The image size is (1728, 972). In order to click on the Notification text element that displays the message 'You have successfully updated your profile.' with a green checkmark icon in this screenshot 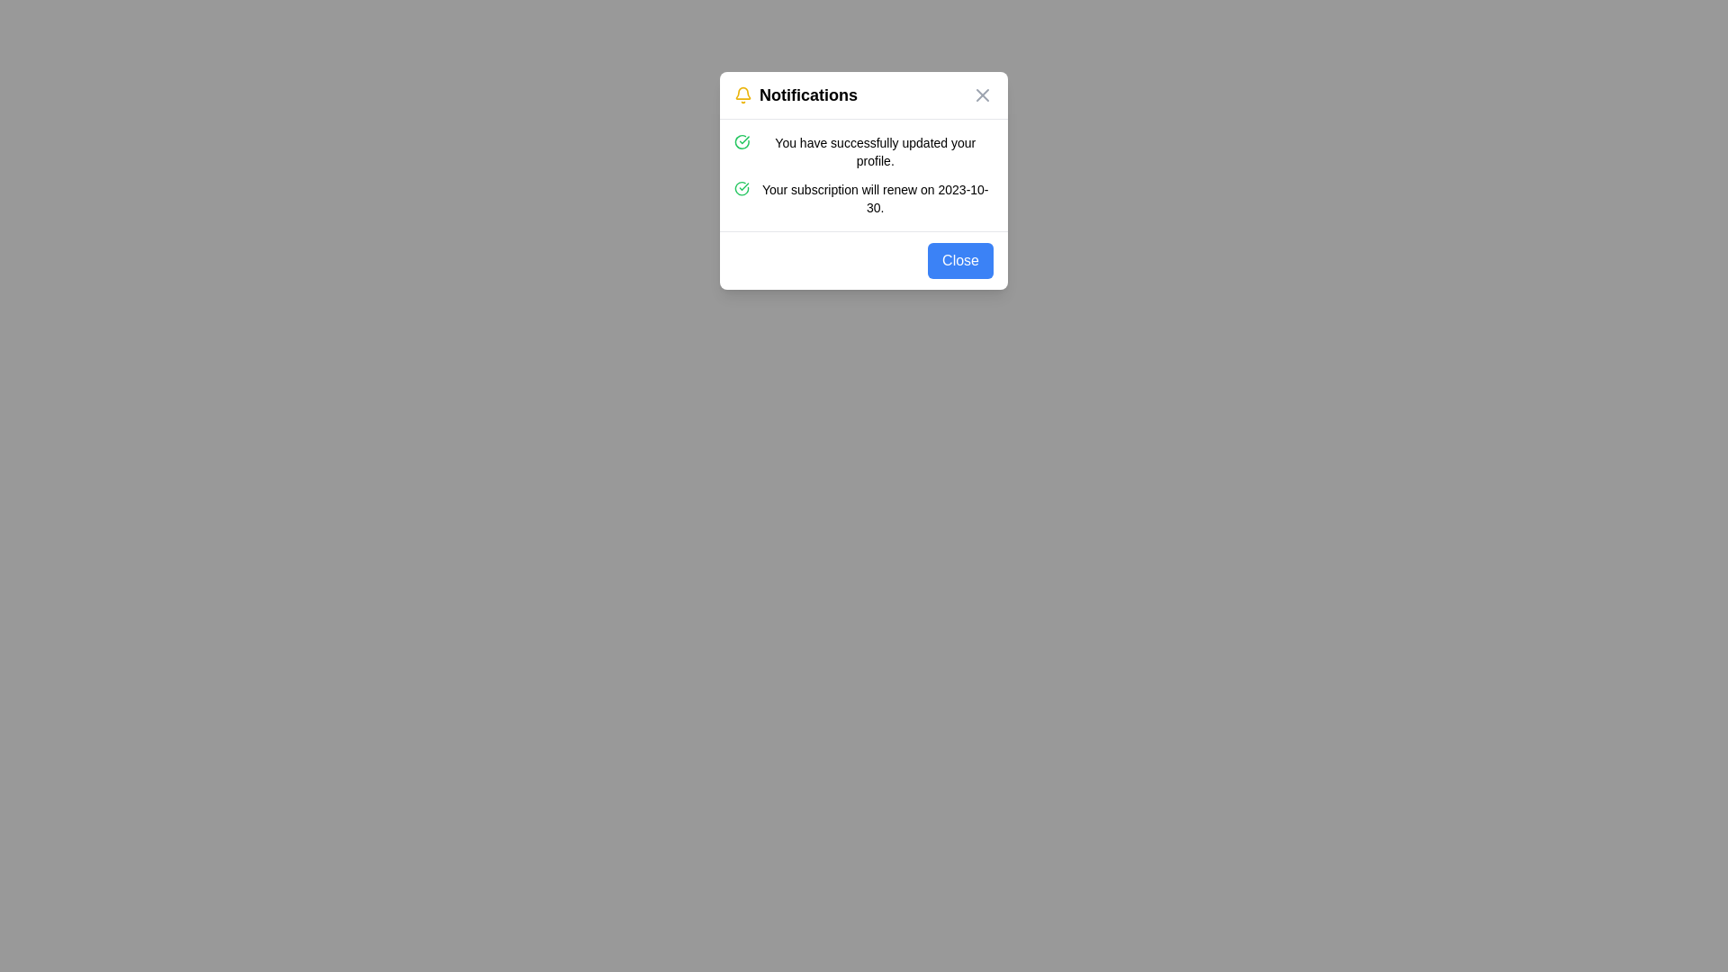, I will do `click(864, 151)`.